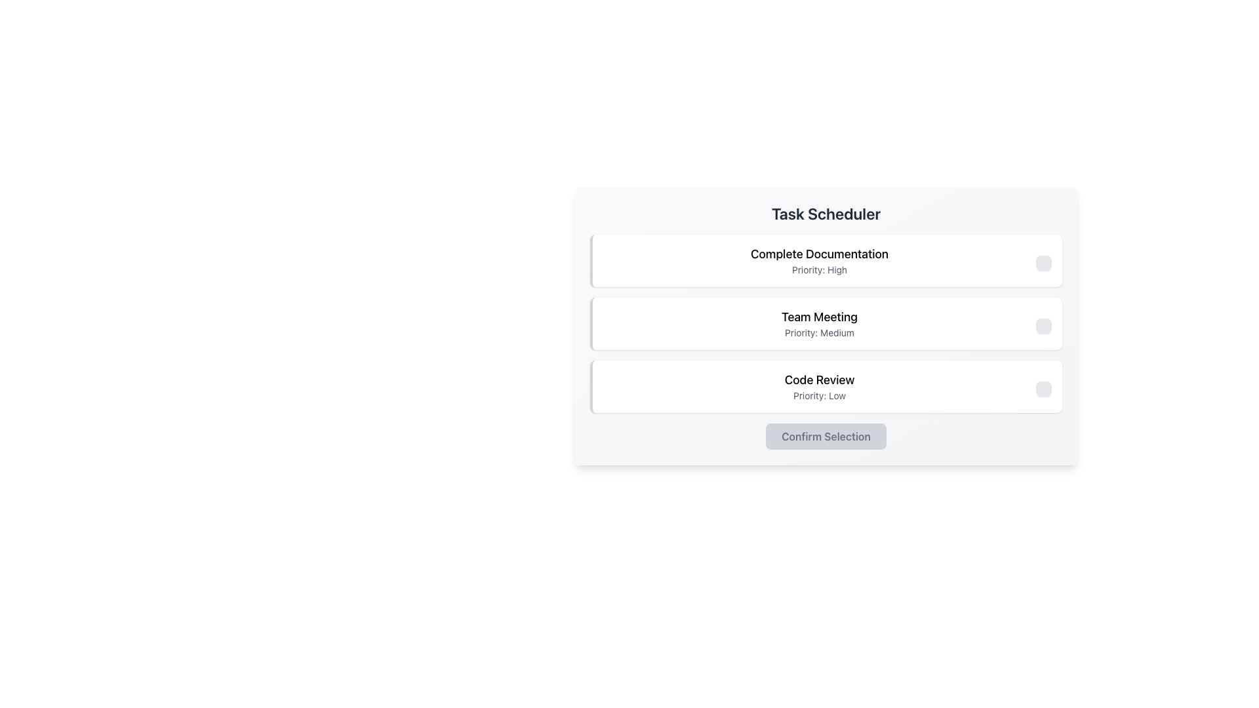  I want to click on the Text element that displays the priority status of the associated task, which is 'Low', located beneath the 'Code Review' heading, so click(818, 395).